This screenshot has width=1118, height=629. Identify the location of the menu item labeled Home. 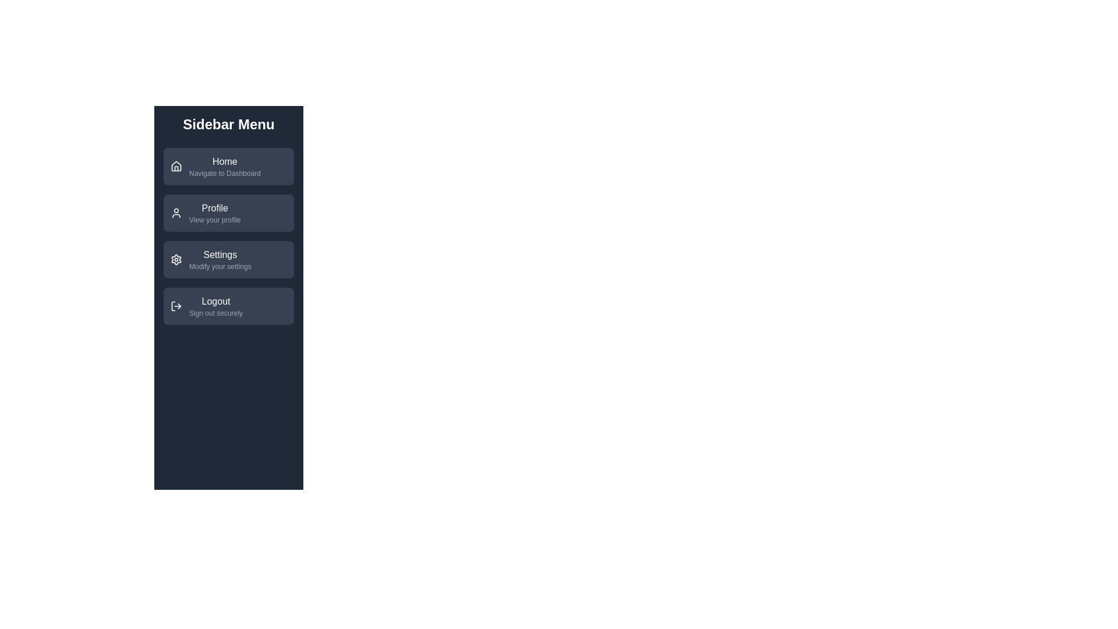
(229, 166).